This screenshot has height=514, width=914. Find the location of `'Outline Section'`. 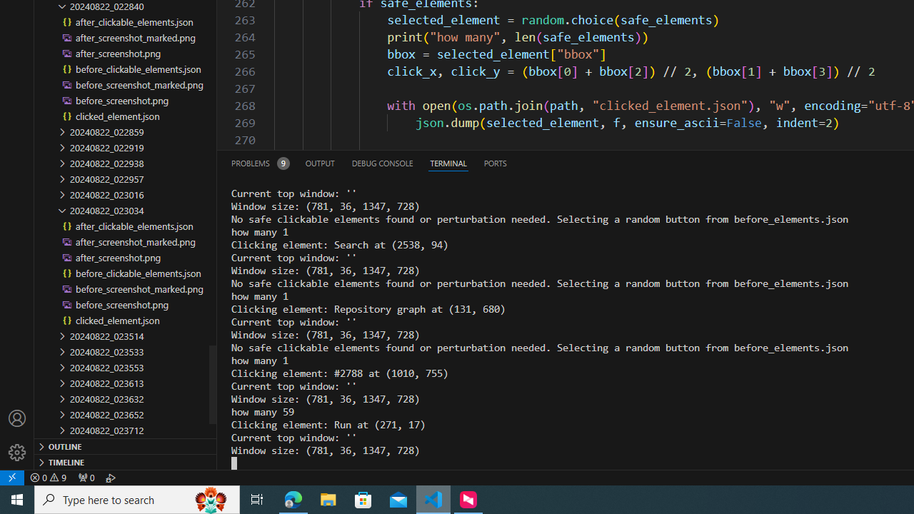

'Outline Section' is located at coordinates (126, 445).